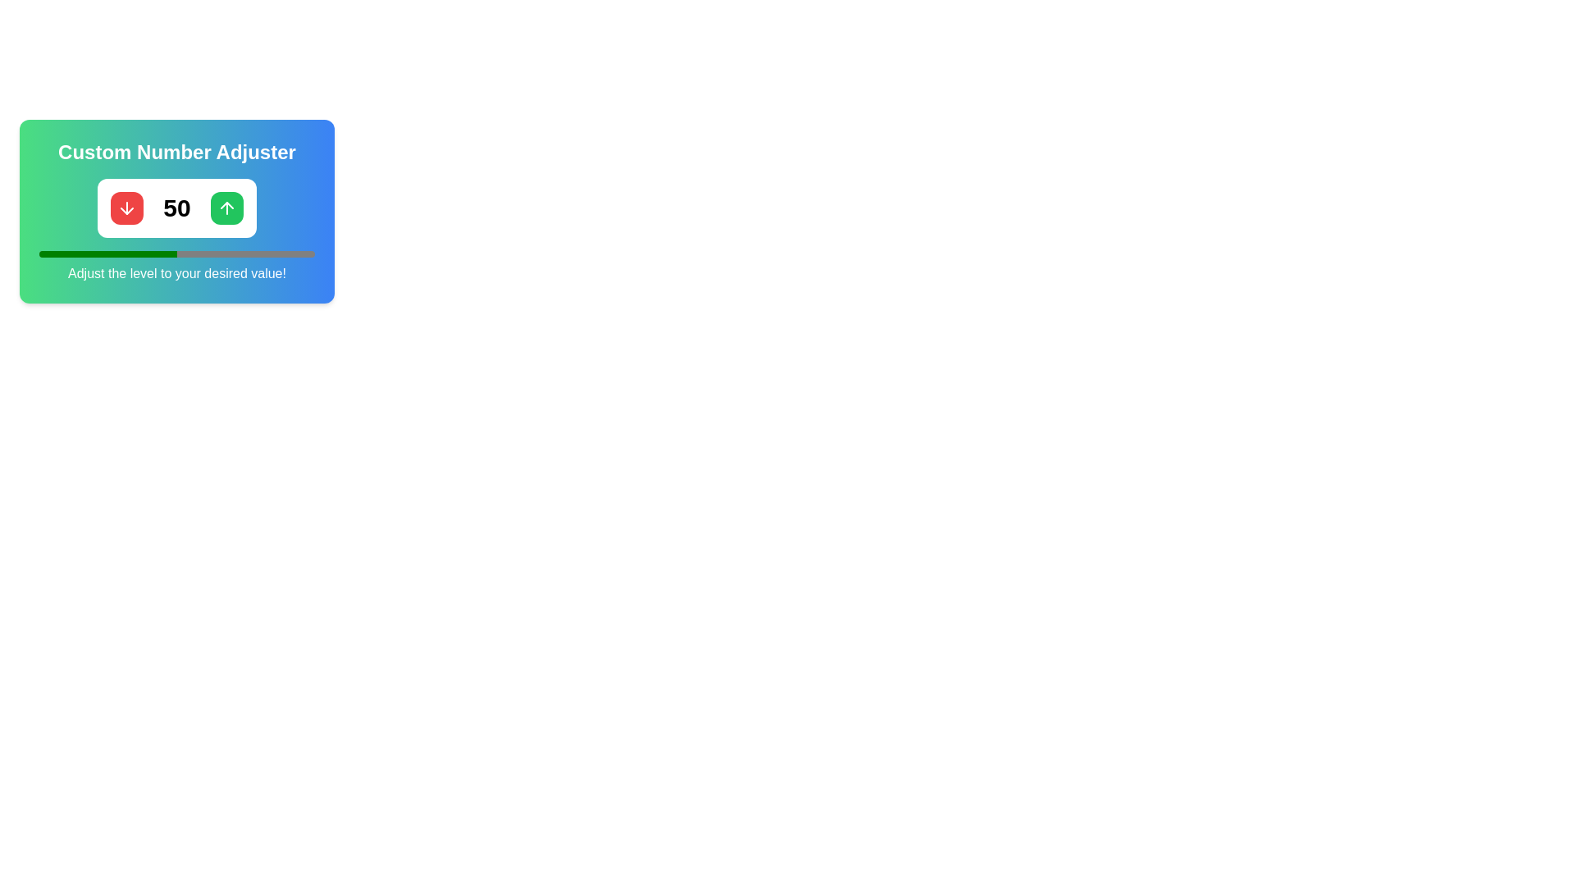  What do you see at coordinates (66, 253) in the screenshot?
I see `the slider value` at bounding box center [66, 253].